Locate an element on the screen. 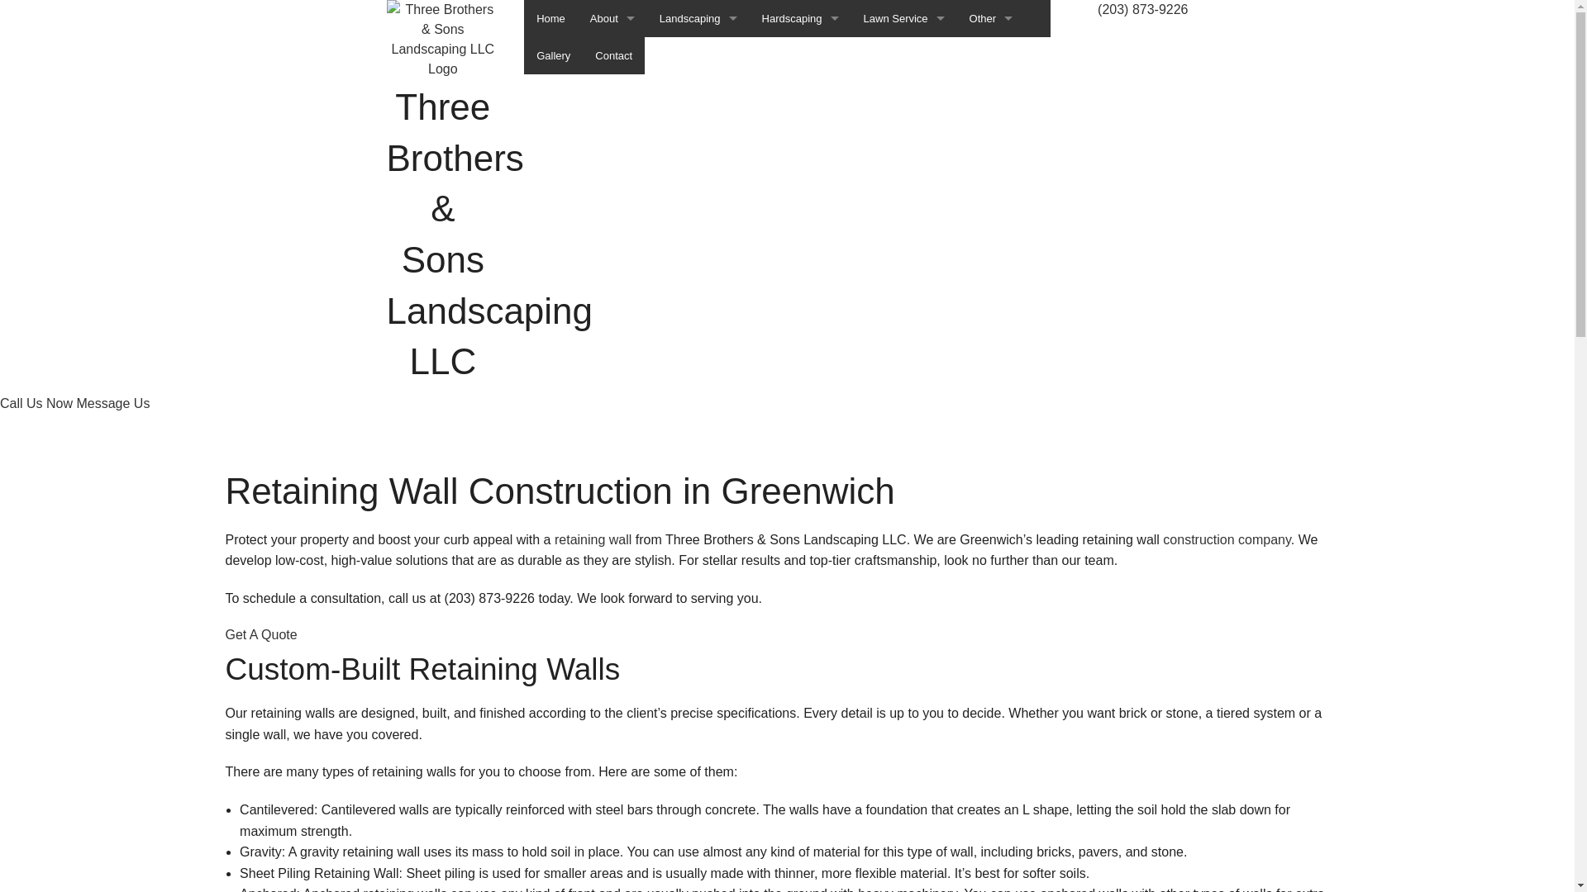 The height and width of the screenshot is (892, 1587). 'FAQ' is located at coordinates (611, 55).